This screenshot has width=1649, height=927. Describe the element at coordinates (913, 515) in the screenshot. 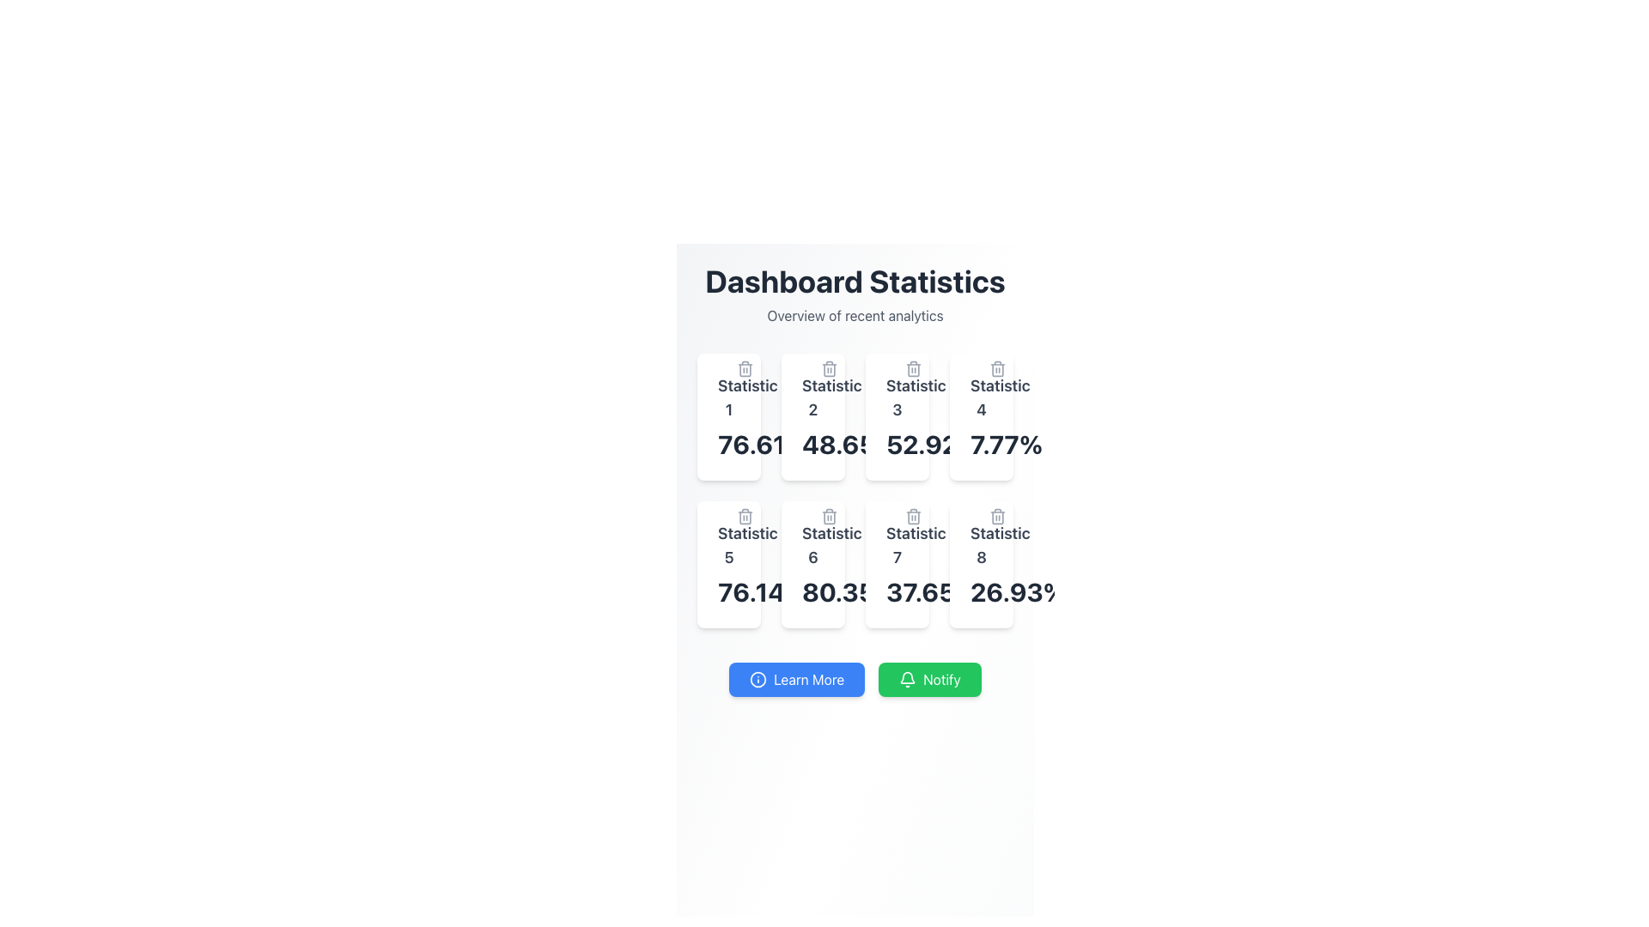

I see `the trash bin icon located in the top-right corner of the 'Statistic 7' card` at that location.